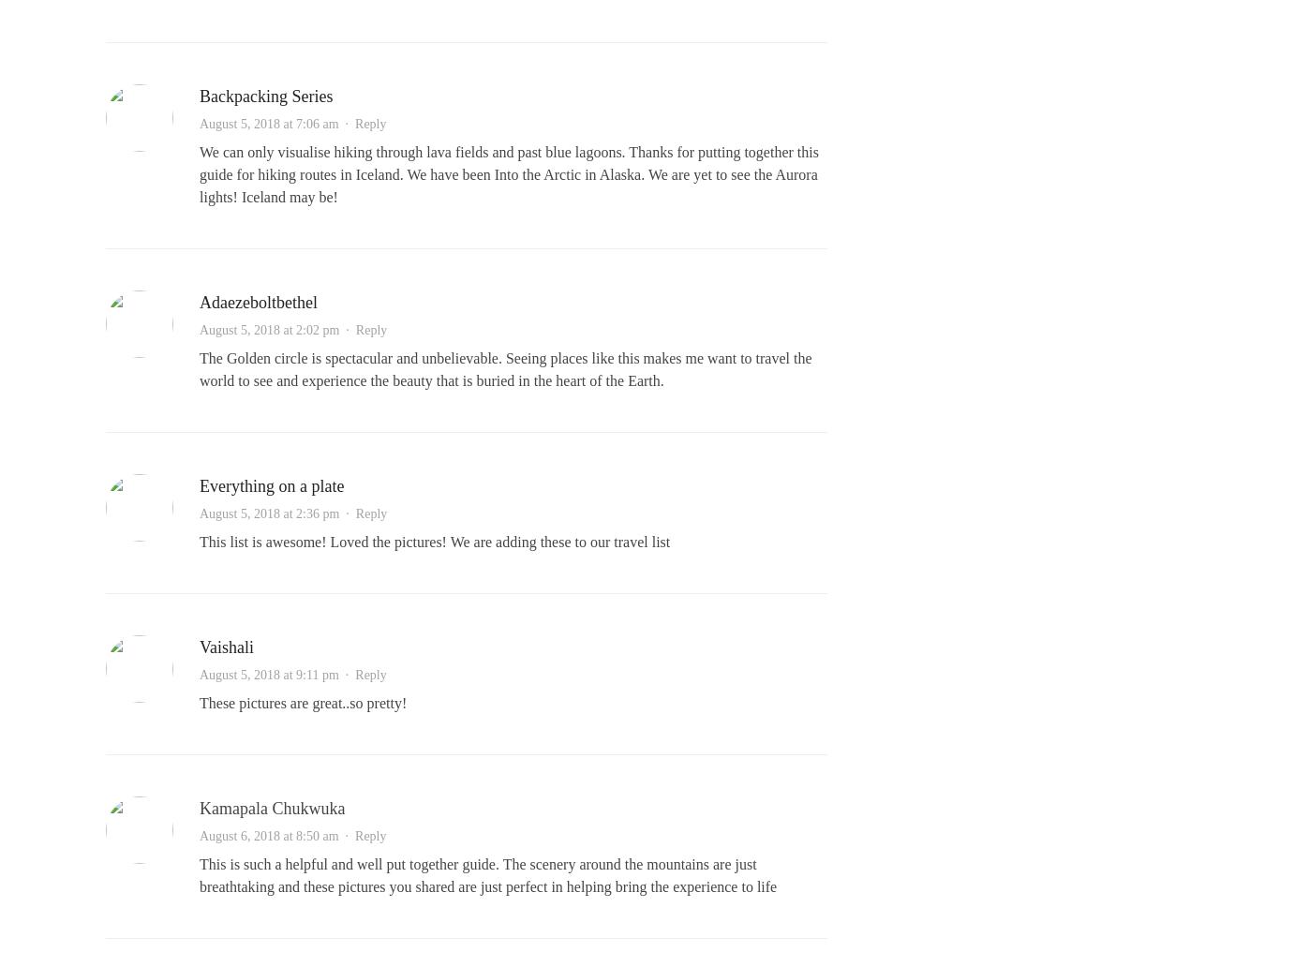 Image resolution: width=1294 pixels, height=967 pixels. I want to click on 'August 5, 2018 at 2:36 pm', so click(269, 513).